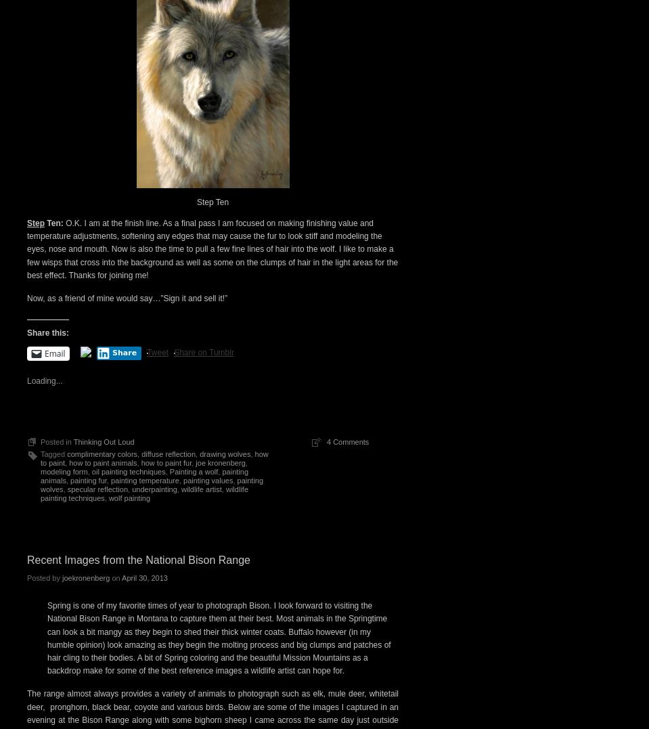 The width and height of the screenshot is (649, 729). I want to click on 'Posted in', so click(55, 441).